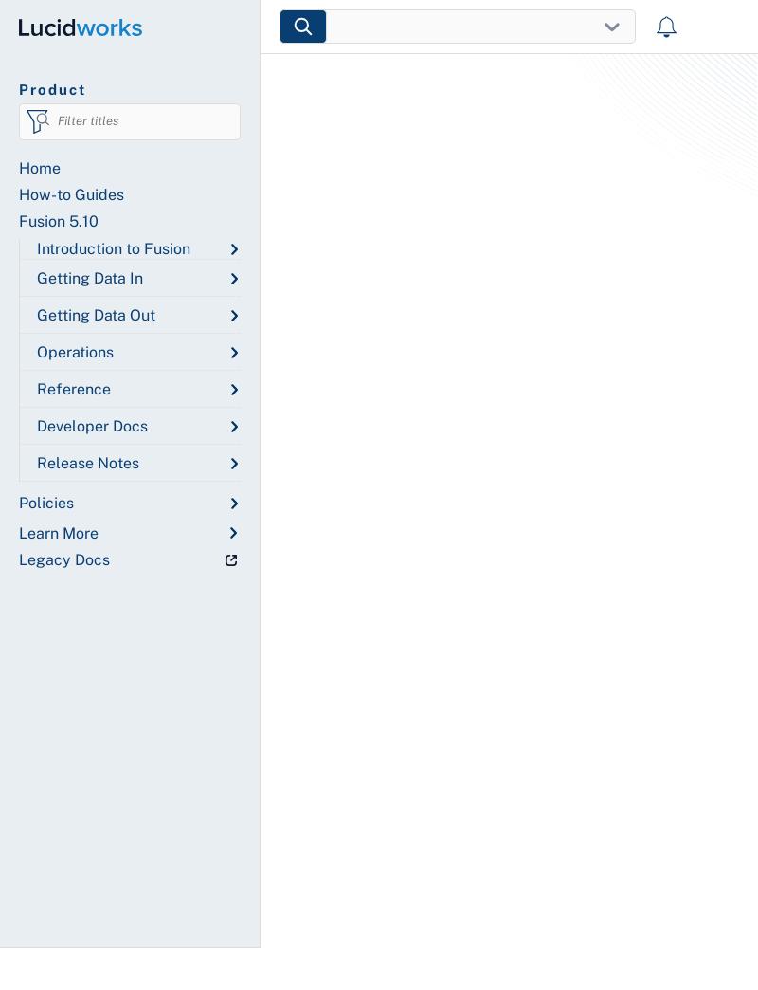  What do you see at coordinates (58, 221) in the screenshot?
I see `'Fusion 5.10'` at bounding box center [58, 221].